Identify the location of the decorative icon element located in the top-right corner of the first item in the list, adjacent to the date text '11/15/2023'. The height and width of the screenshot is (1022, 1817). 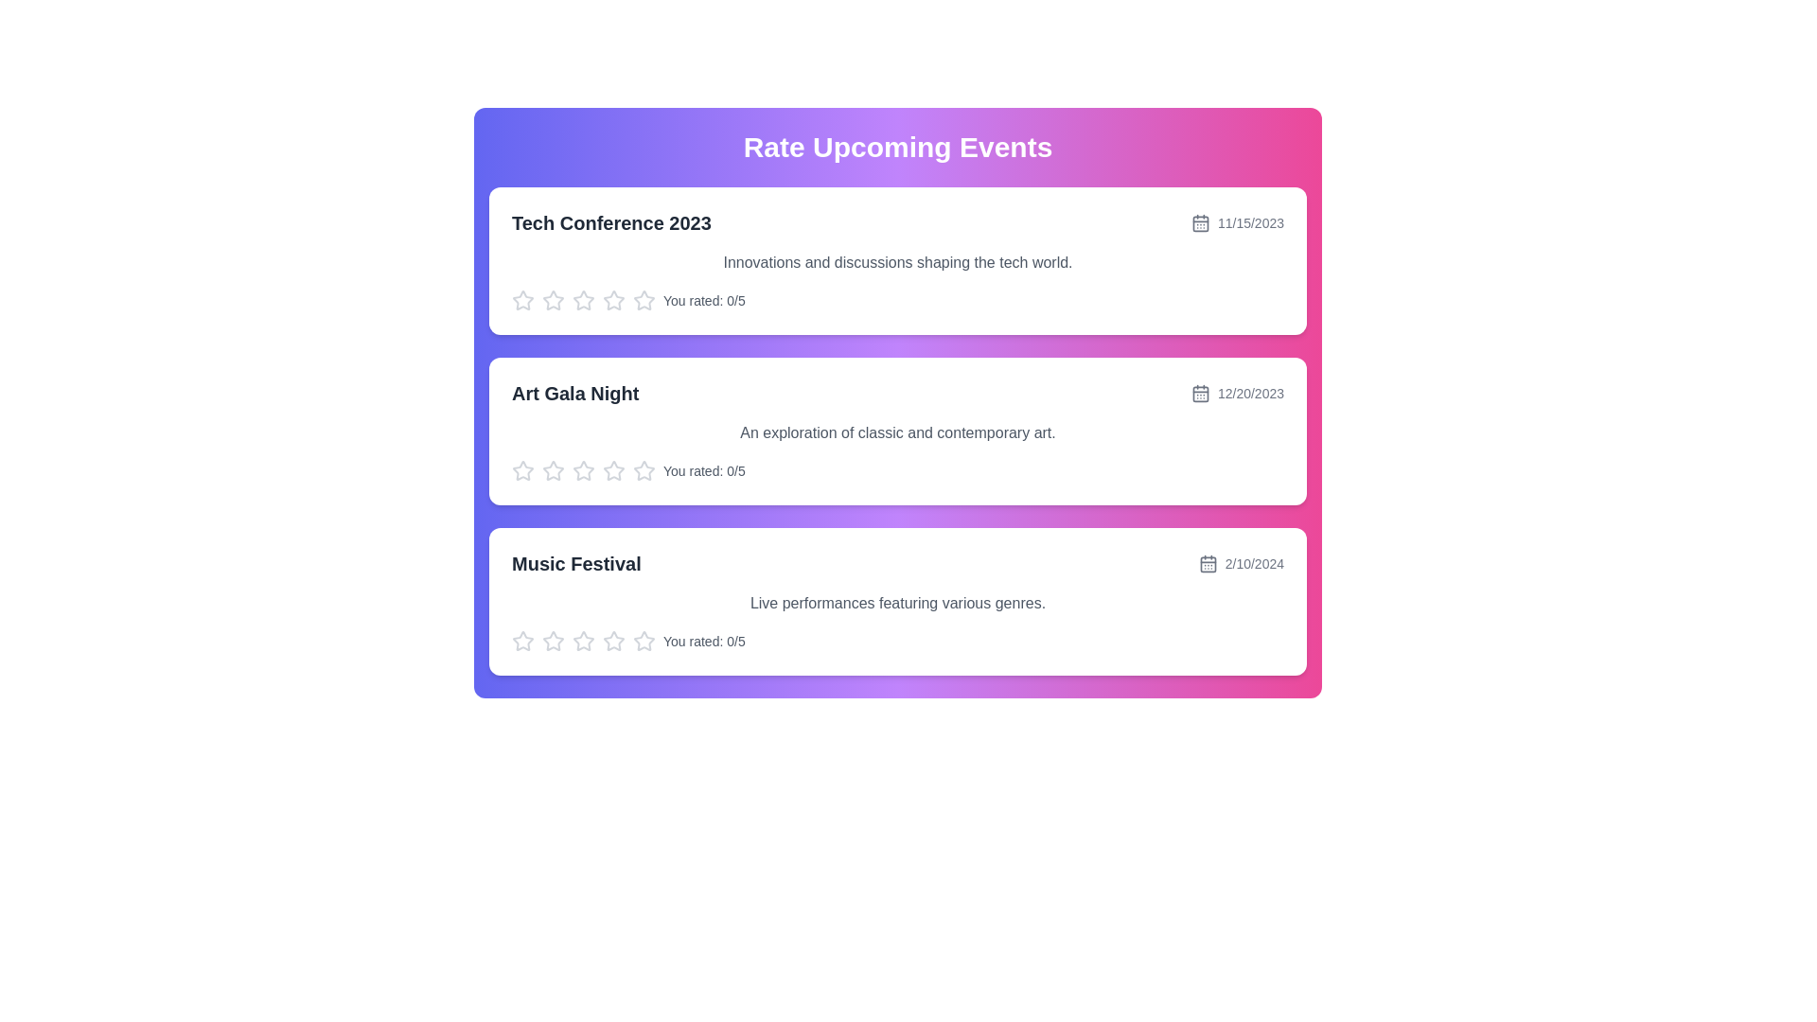
(1199, 222).